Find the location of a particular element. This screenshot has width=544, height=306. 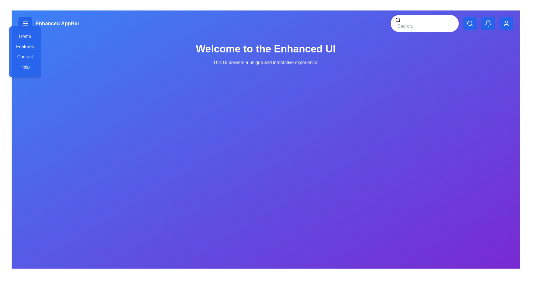

the menu item labeled Contact is located at coordinates (24, 57).